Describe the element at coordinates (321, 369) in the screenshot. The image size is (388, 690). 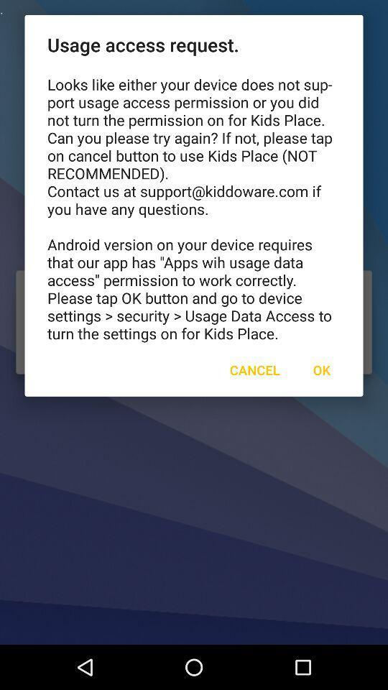
I see `ok on the right` at that location.